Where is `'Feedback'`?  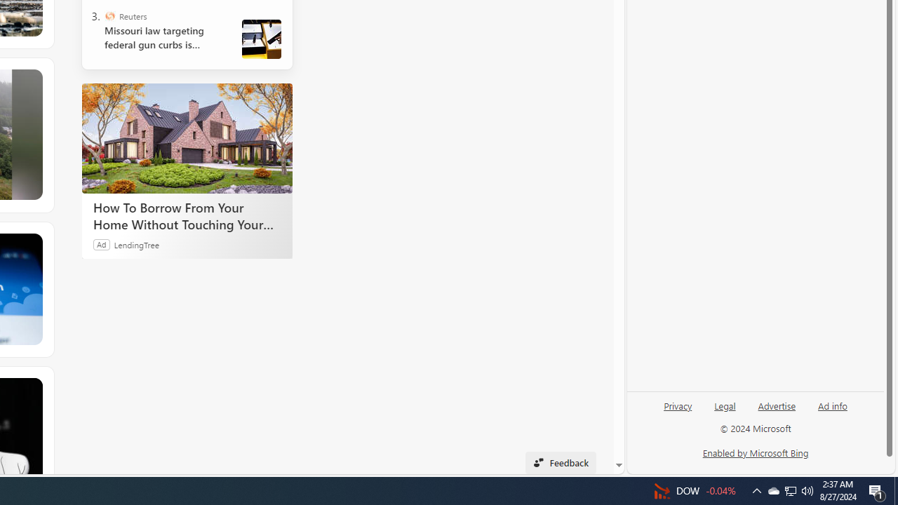 'Feedback' is located at coordinates (560, 462).